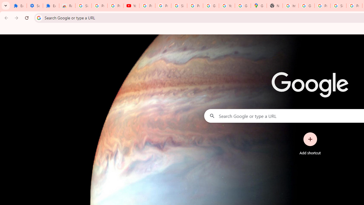 This screenshot has width=364, height=205. I want to click on 'Google Account', so click(211, 6).